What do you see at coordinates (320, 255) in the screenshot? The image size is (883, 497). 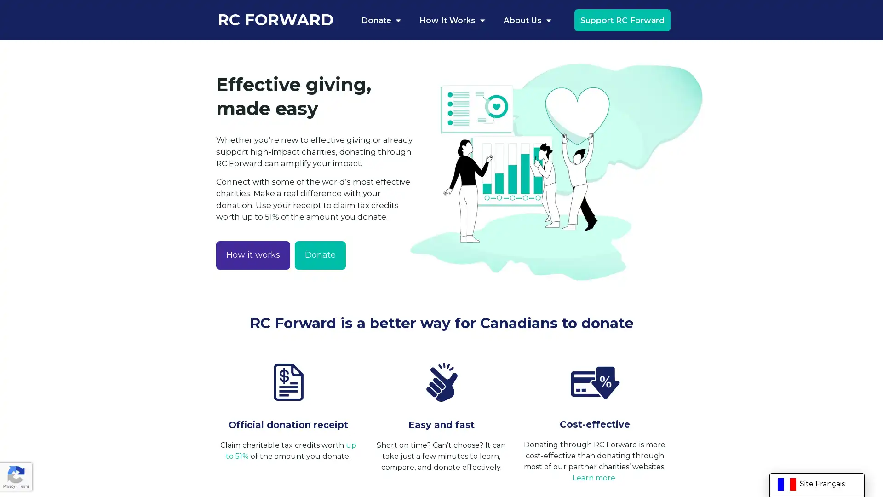 I see `Donate` at bounding box center [320, 255].